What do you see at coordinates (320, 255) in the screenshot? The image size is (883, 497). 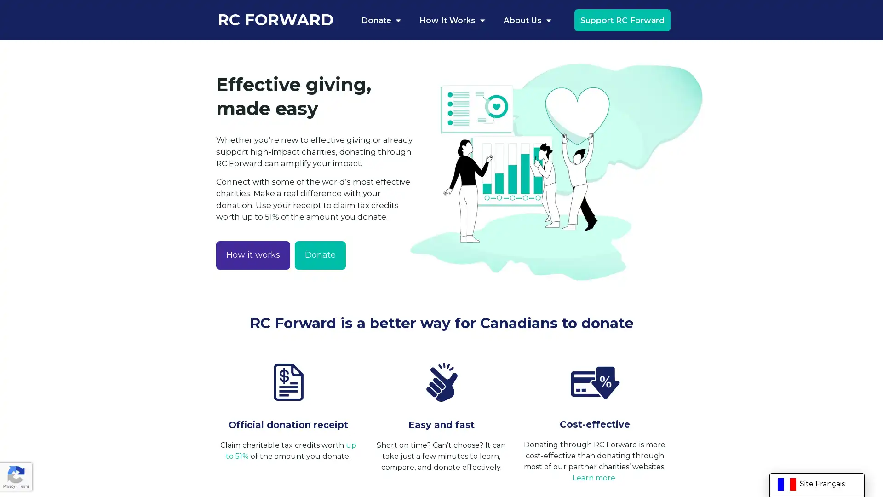 I see `Donate` at bounding box center [320, 255].